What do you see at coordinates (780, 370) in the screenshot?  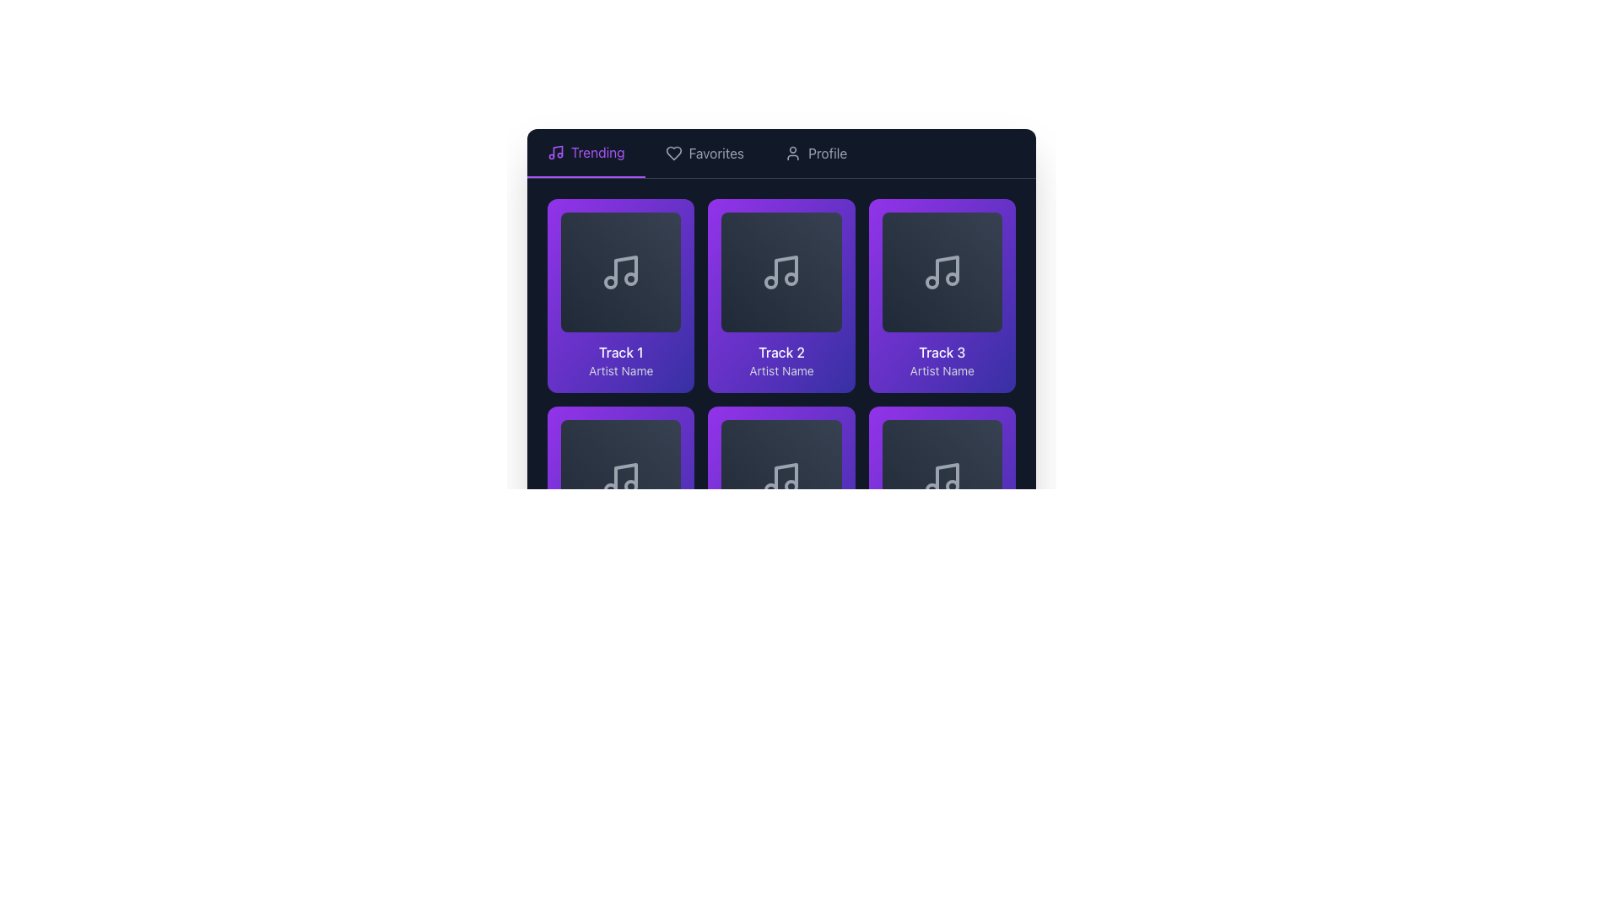 I see `the text label displaying 'Artist Name' located at the bottom of the 'Track 2' card component` at bounding box center [780, 370].